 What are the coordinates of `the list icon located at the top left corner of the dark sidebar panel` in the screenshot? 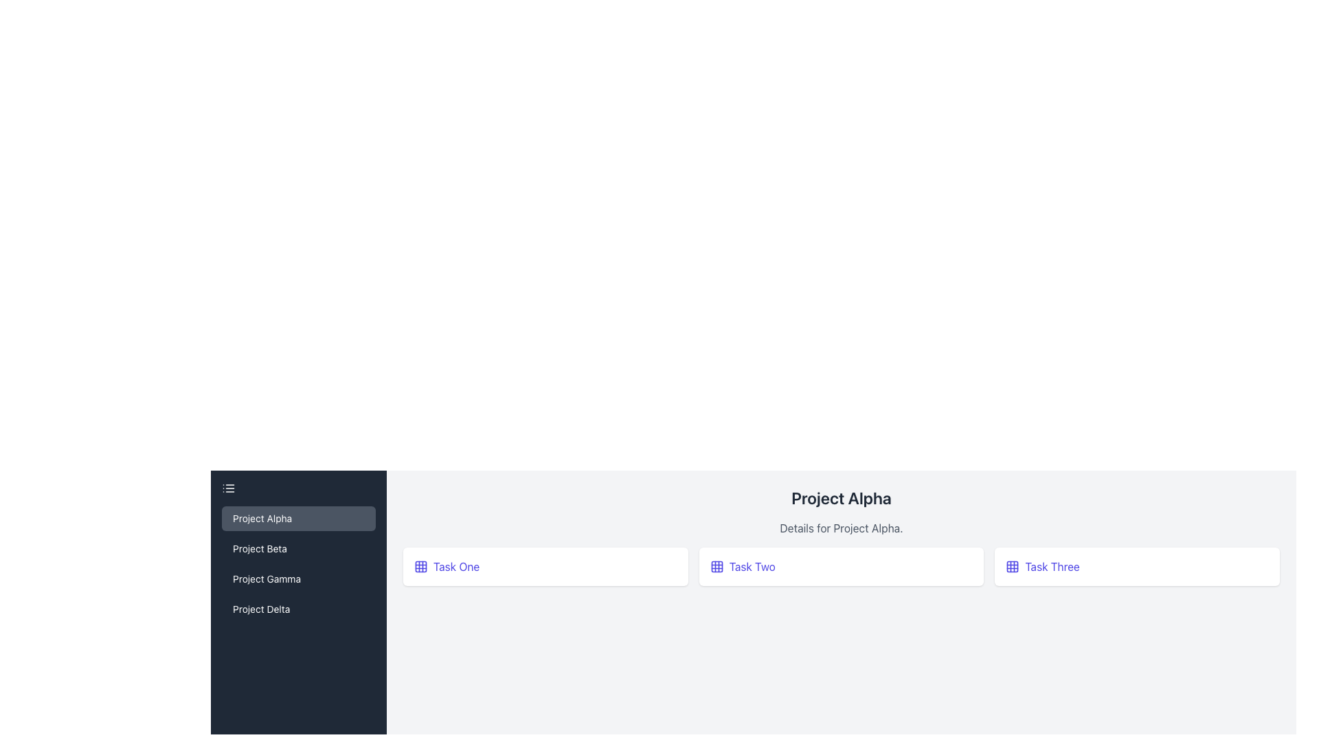 It's located at (228, 487).